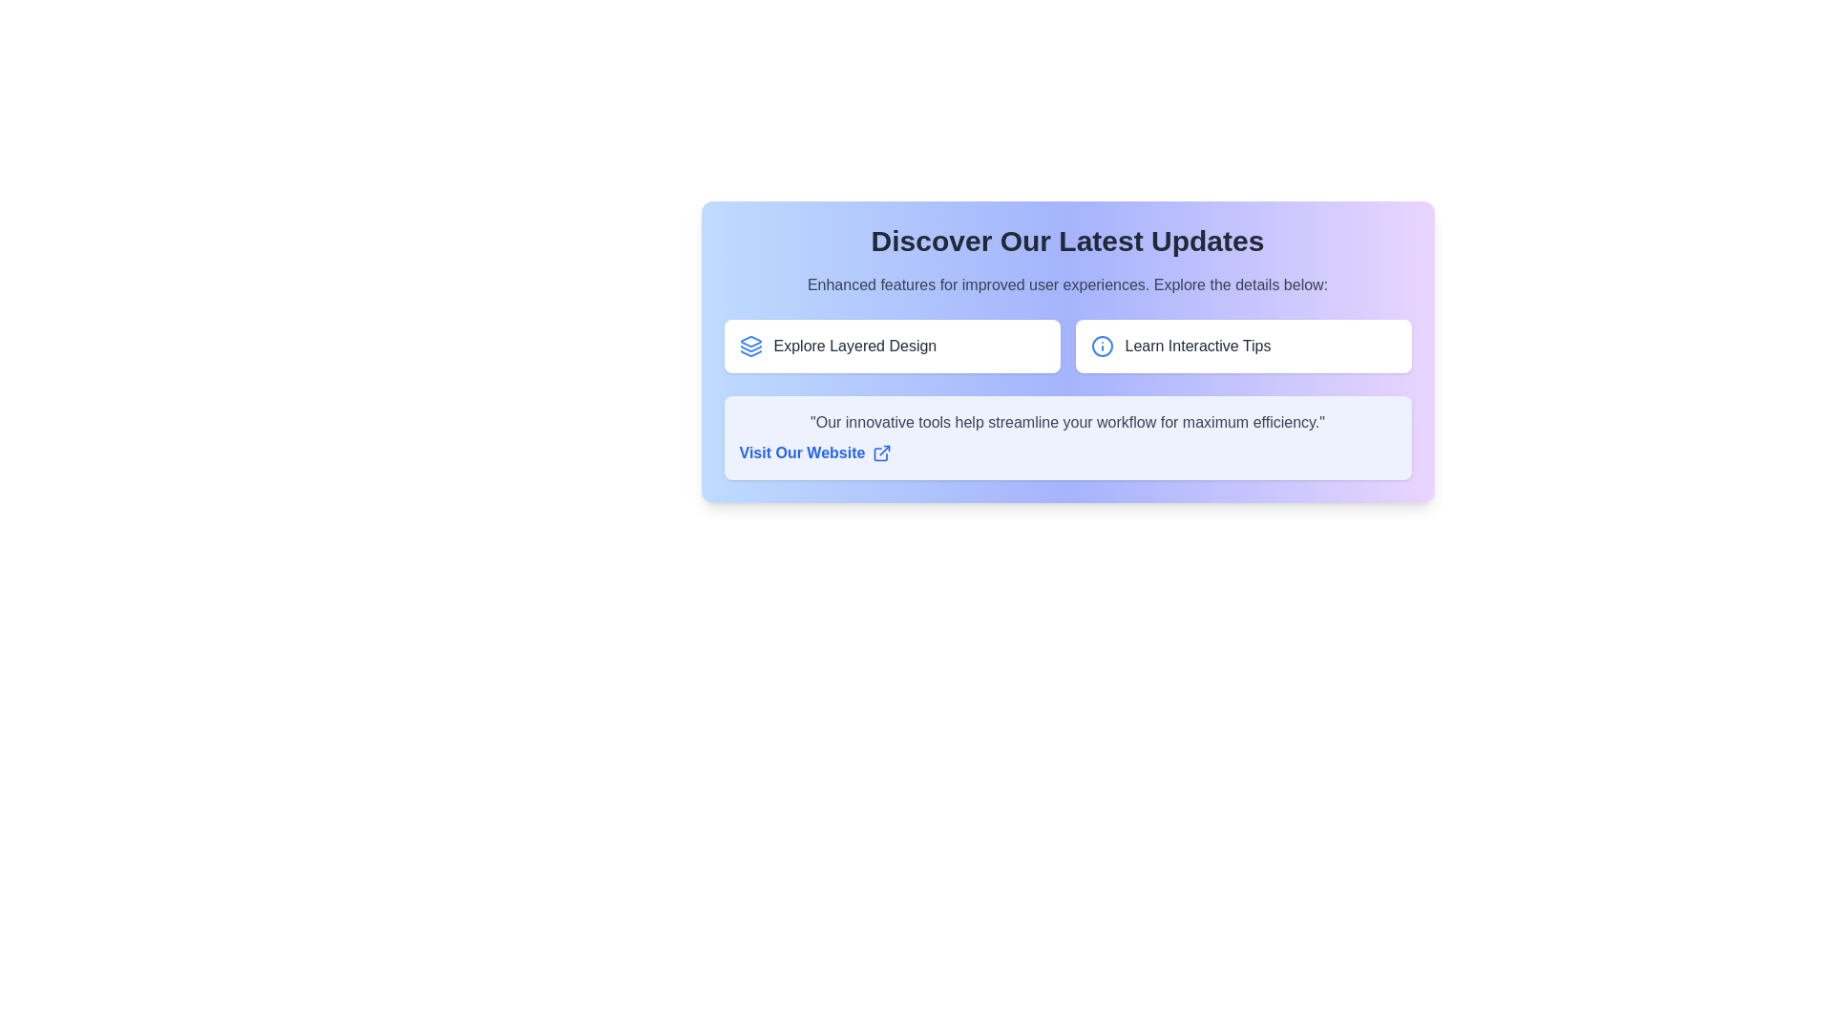  What do you see at coordinates (884, 451) in the screenshot?
I see `the external link icon that signifies an action related to the 'Visit Our Website' link, located near the bottom-right of the text` at bounding box center [884, 451].